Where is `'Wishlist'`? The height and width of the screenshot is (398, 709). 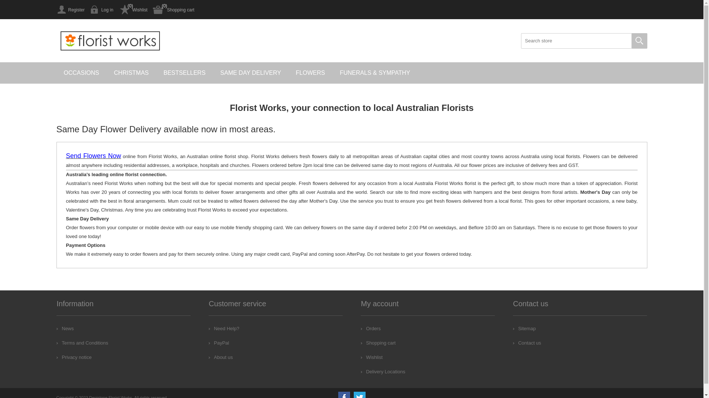
'Wishlist' is located at coordinates (119, 10).